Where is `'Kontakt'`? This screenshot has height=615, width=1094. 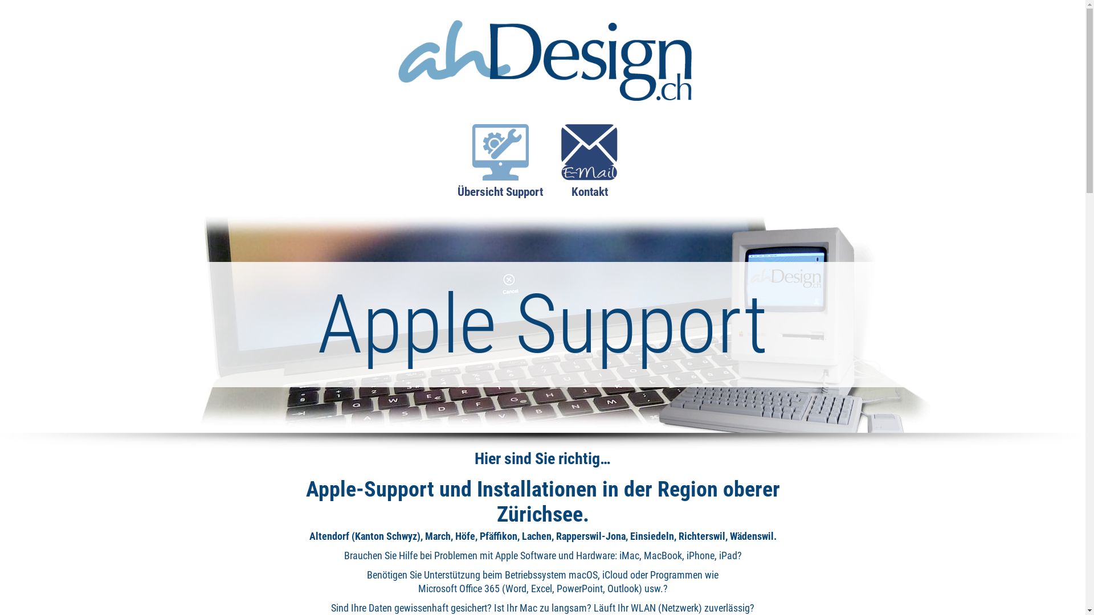 'Kontakt' is located at coordinates (589, 167).